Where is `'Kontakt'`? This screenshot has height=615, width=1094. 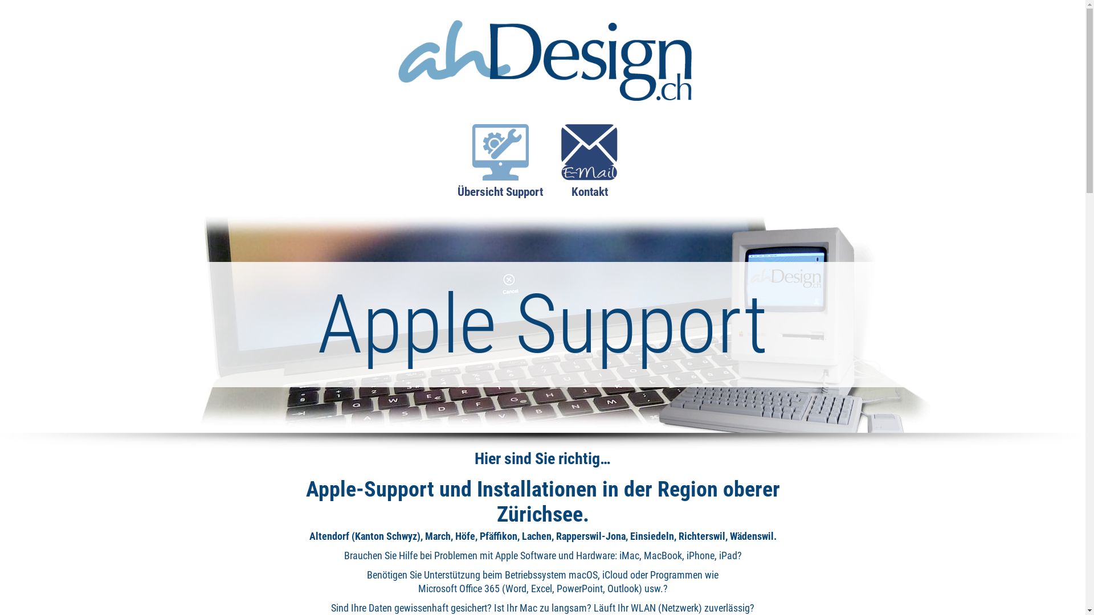 'Kontakt' is located at coordinates (589, 167).